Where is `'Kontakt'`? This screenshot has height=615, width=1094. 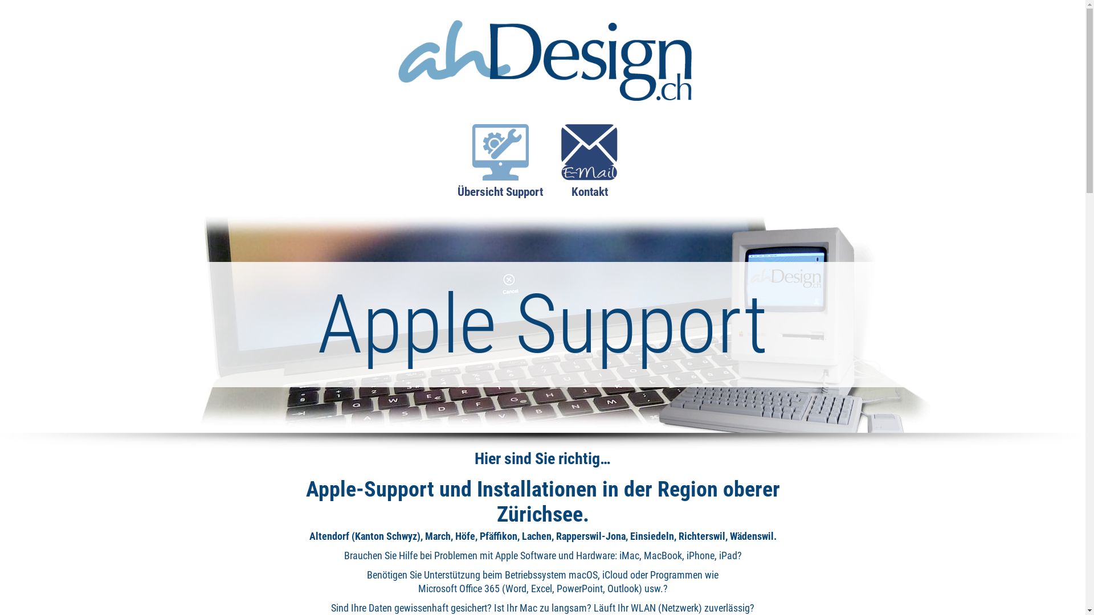 'Kontakt' is located at coordinates (589, 167).